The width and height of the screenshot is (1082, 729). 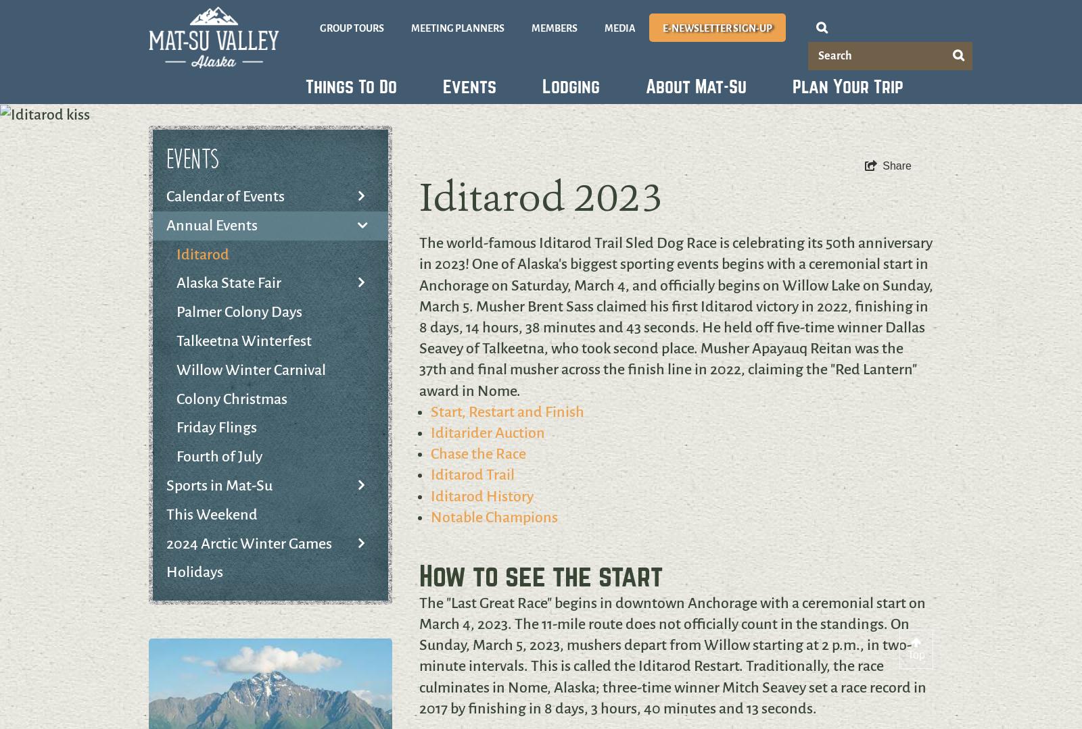 What do you see at coordinates (419, 576) in the screenshot?
I see `'How to see the start'` at bounding box center [419, 576].